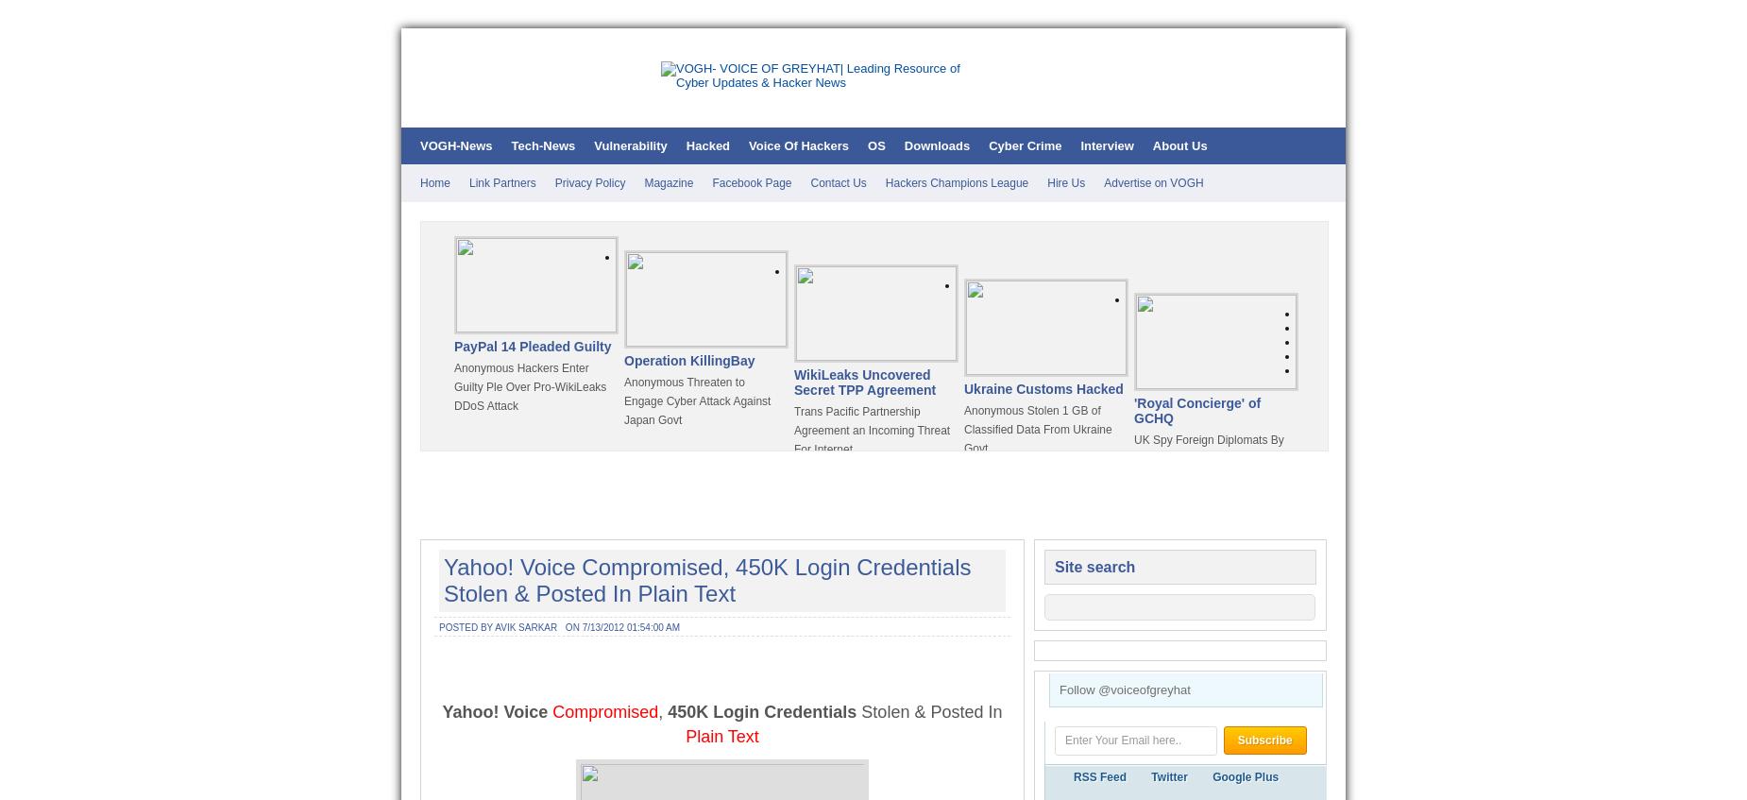 This screenshot has width=1747, height=800. What do you see at coordinates (698, 632) in the screenshot?
I see `'FaceTime Bug and App Store Purchase Flaw Fixed'` at bounding box center [698, 632].